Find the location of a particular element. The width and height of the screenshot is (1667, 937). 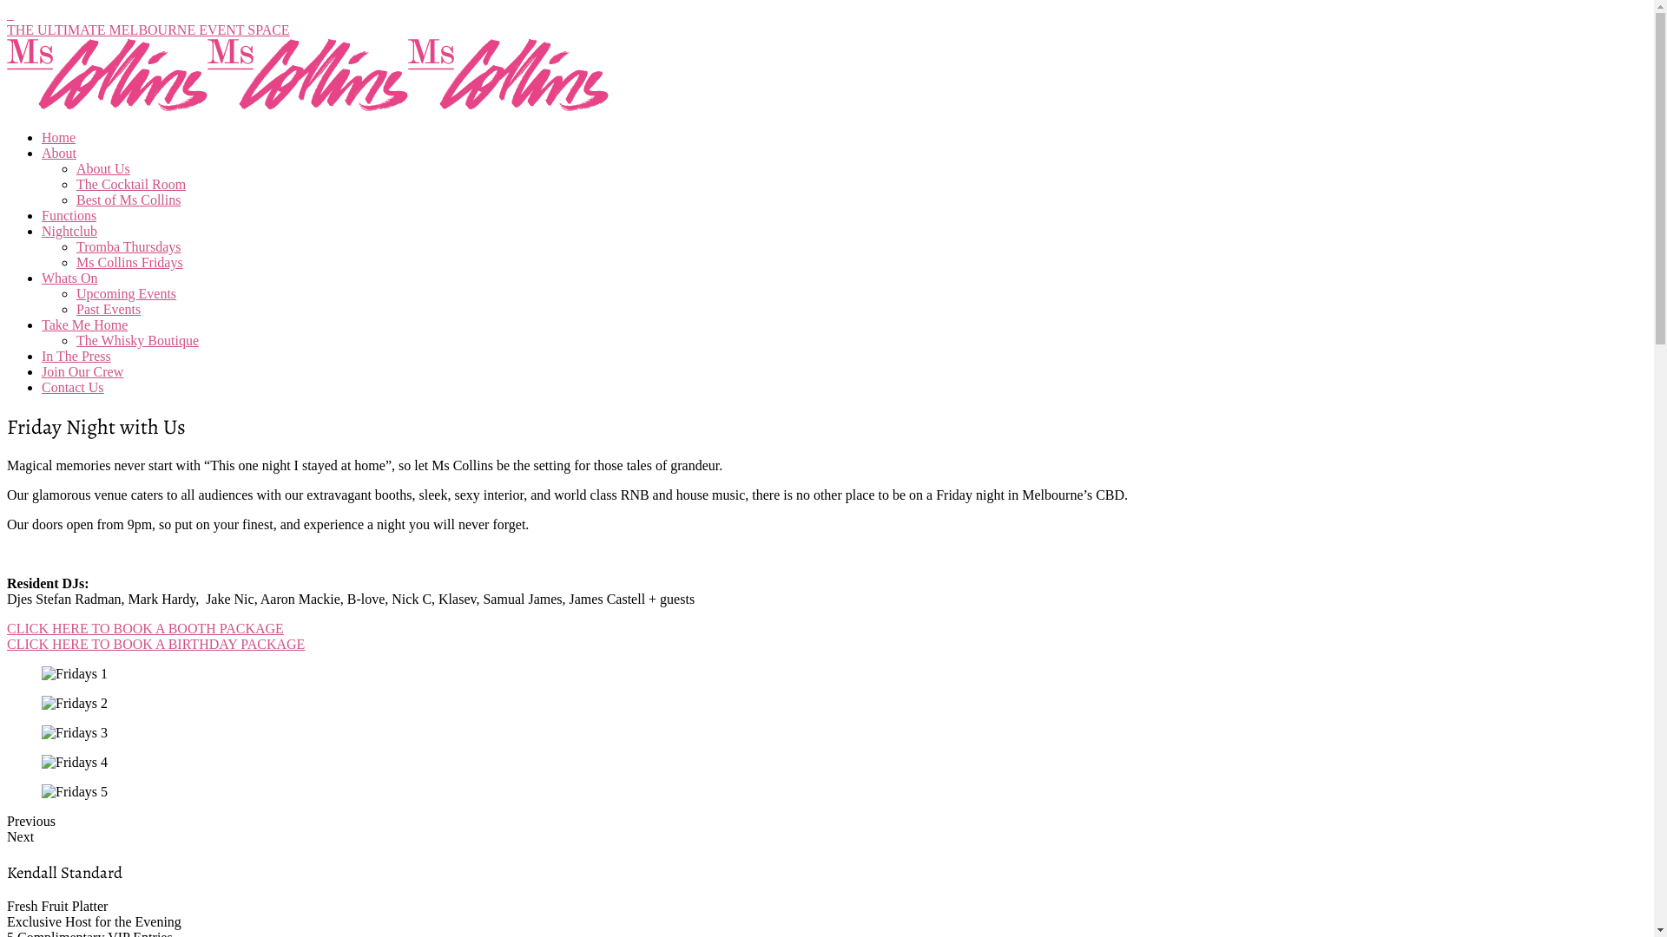

'CLICK HERE TO BOOK A BOOTH PACKAGE' is located at coordinates (145, 628).